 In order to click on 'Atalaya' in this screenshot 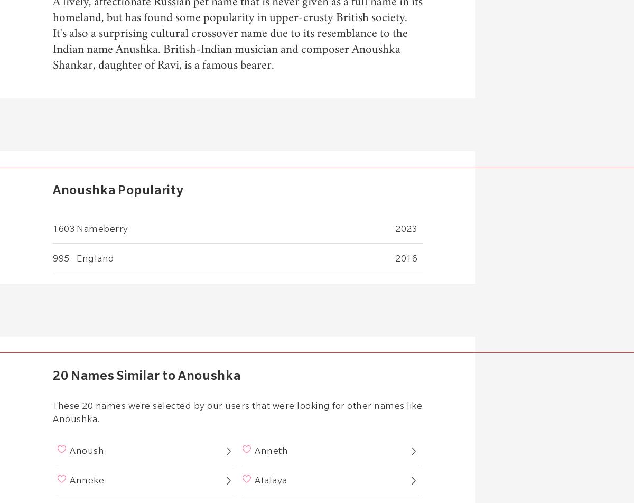, I will do `click(270, 480)`.